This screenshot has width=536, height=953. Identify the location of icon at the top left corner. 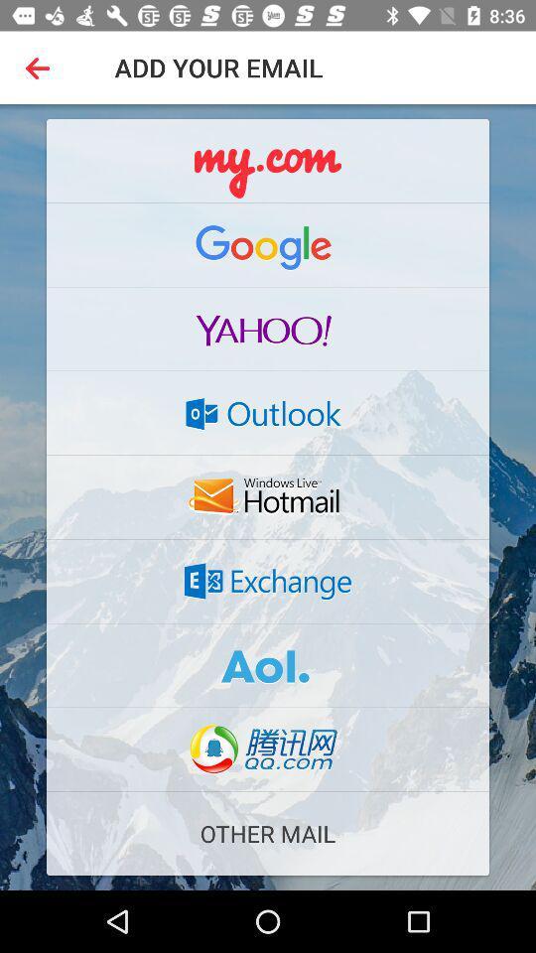
(42, 68).